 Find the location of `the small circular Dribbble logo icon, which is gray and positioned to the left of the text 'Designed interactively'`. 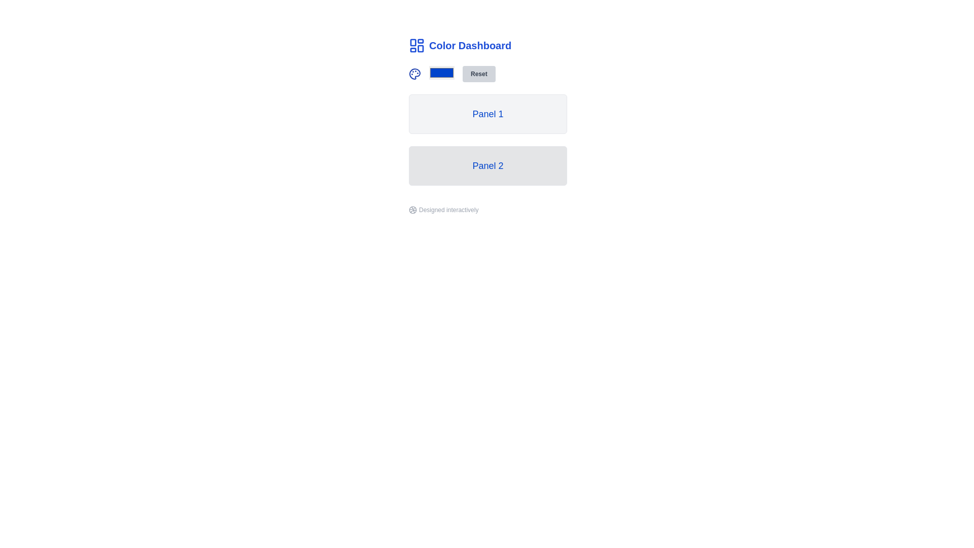

the small circular Dribbble logo icon, which is gray and positioned to the left of the text 'Designed interactively' is located at coordinates (413, 209).